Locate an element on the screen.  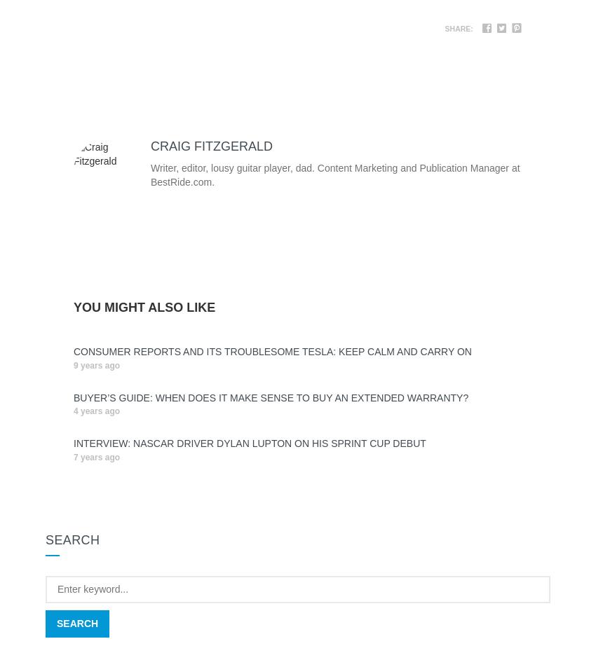
'INTERVIEW: NASCAR Driver Dylan Lupton On His Sprint Cup Debut' is located at coordinates (248, 443).